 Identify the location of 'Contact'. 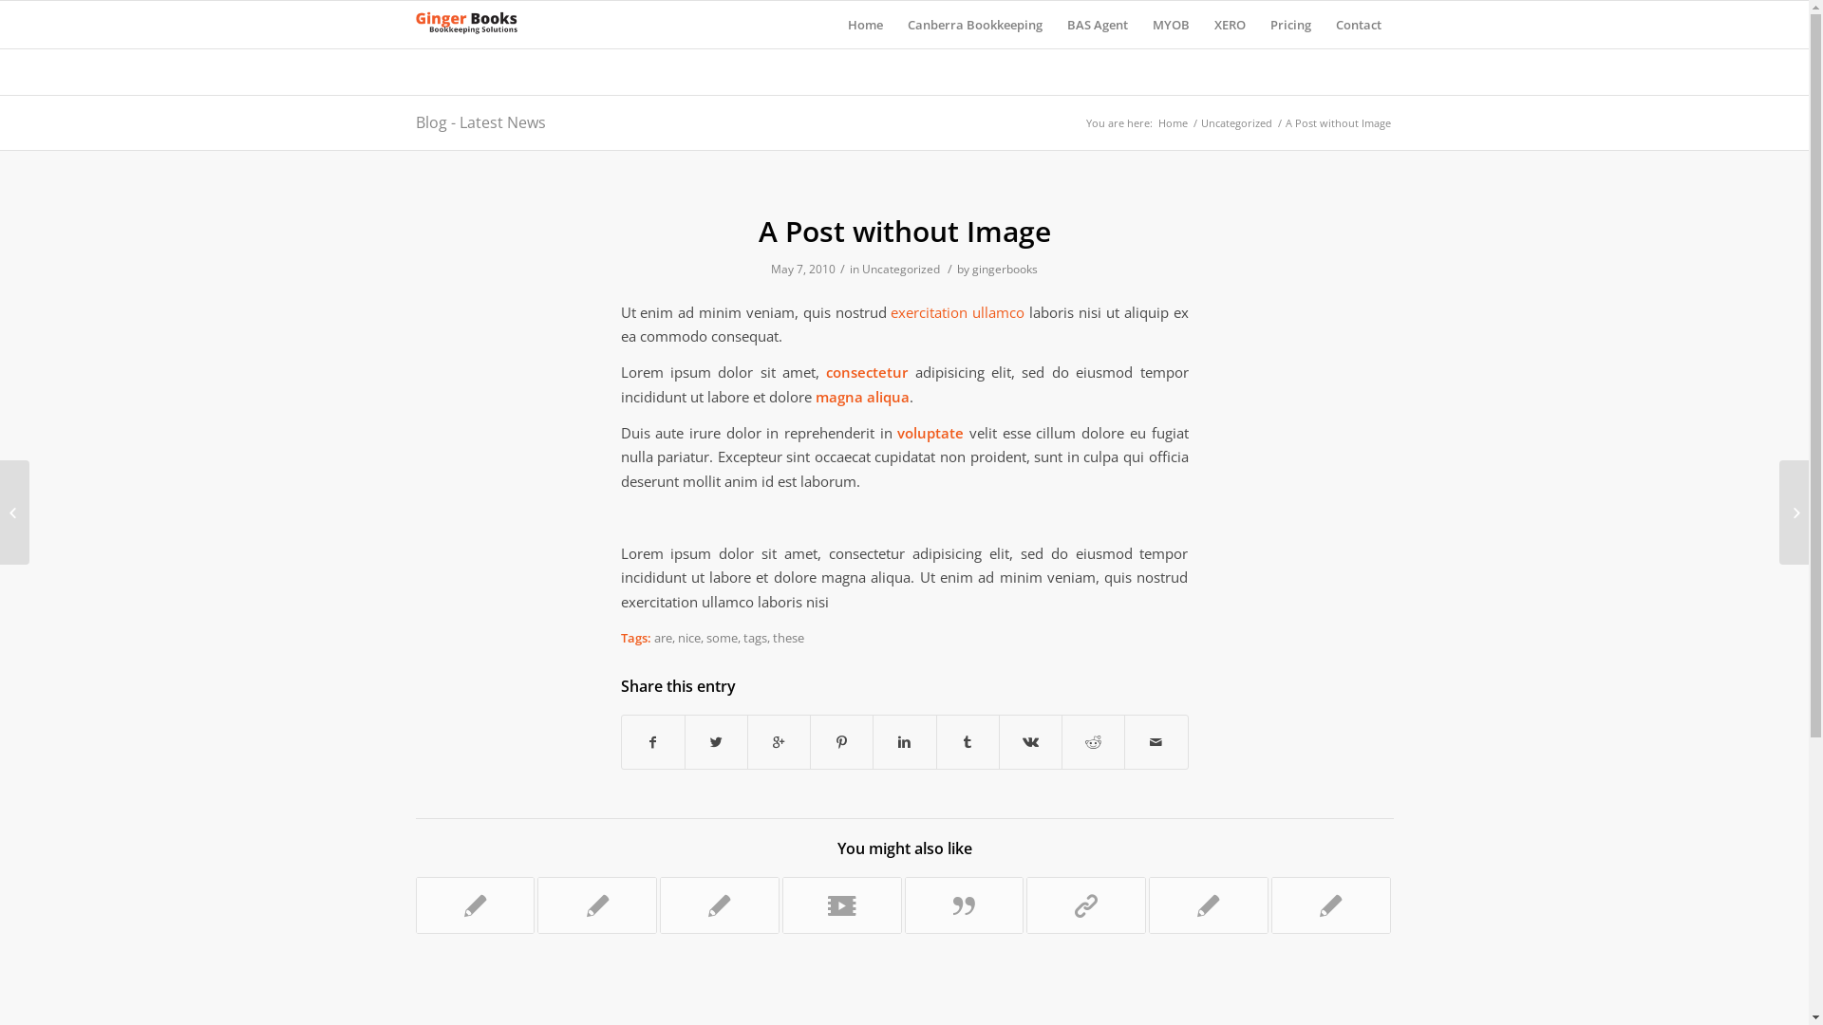
(1357, 25).